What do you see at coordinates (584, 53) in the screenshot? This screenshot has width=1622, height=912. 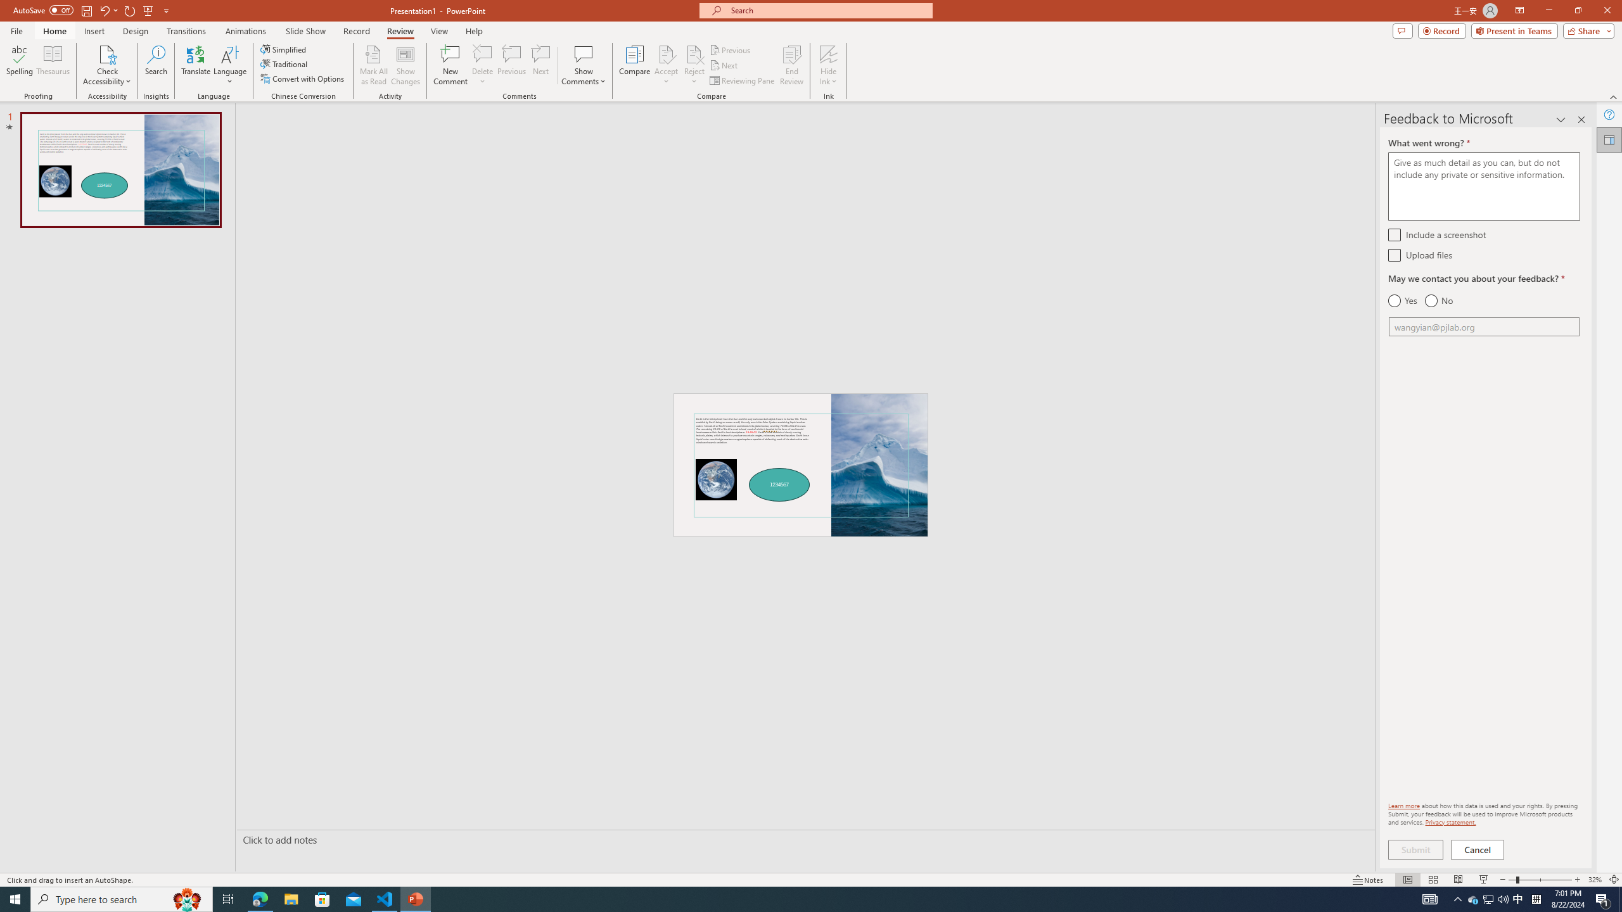 I see `'Show Comments'` at bounding box center [584, 53].